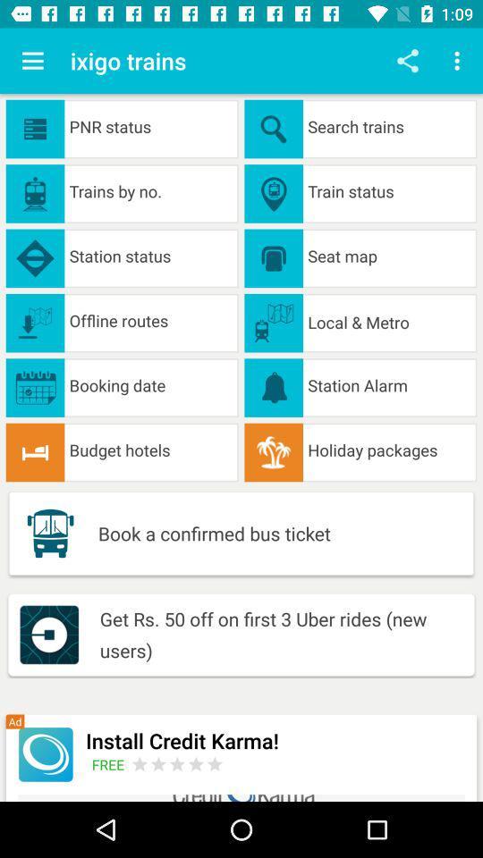 This screenshot has width=483, height=858. What do you see at coordinates (46, 753) in the screenshot?
I see `install app` at bounding box center [46, 753].